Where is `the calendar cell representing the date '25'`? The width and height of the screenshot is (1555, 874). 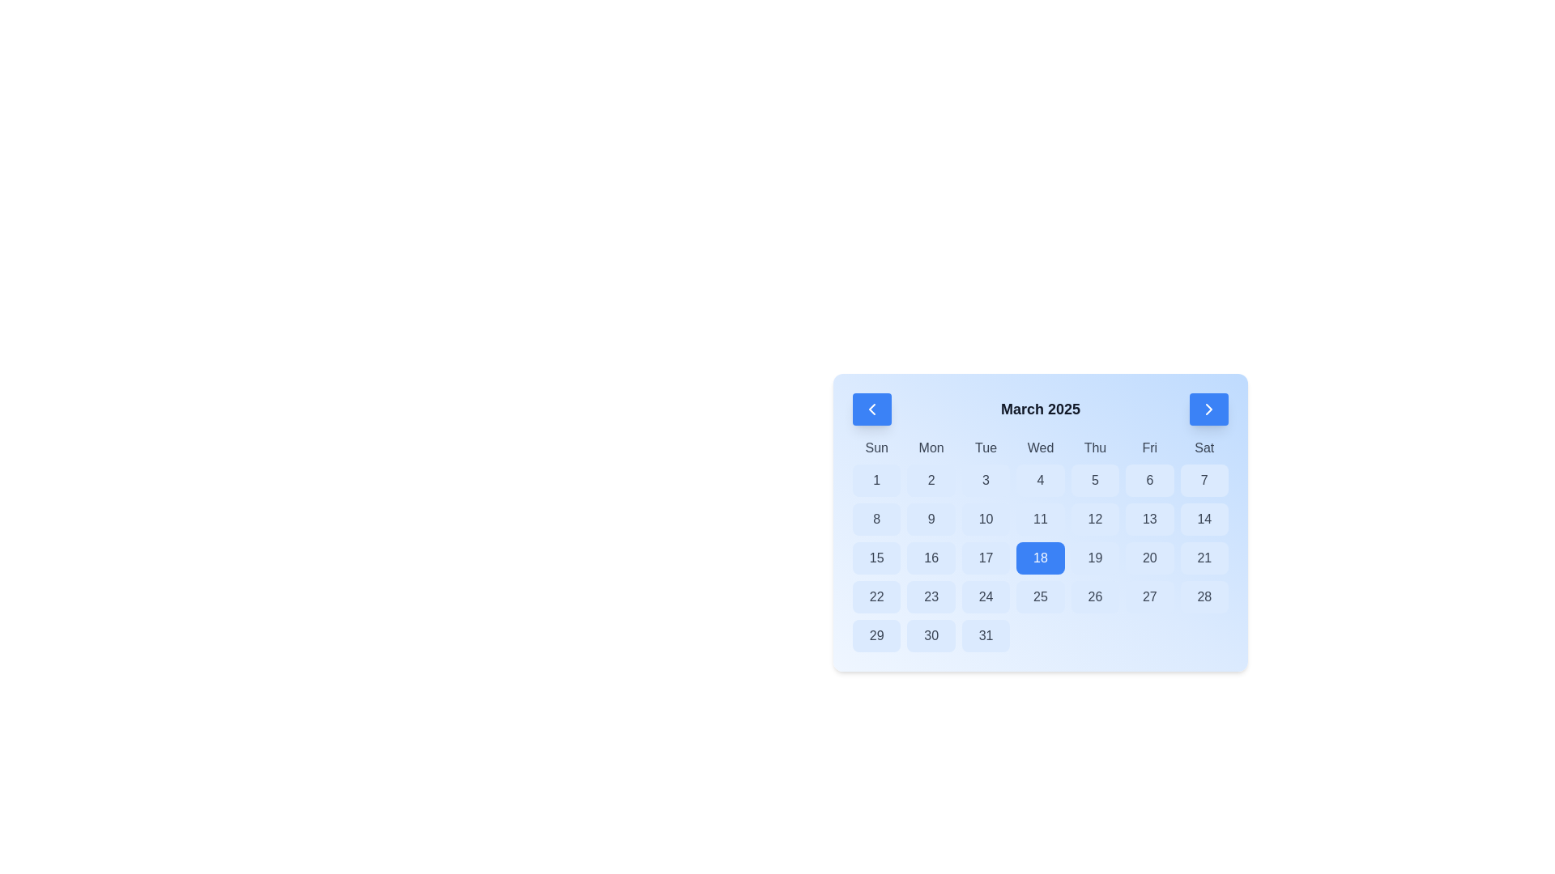
the calendar cell representing the date '25' is located at coordinates (1039, 596).